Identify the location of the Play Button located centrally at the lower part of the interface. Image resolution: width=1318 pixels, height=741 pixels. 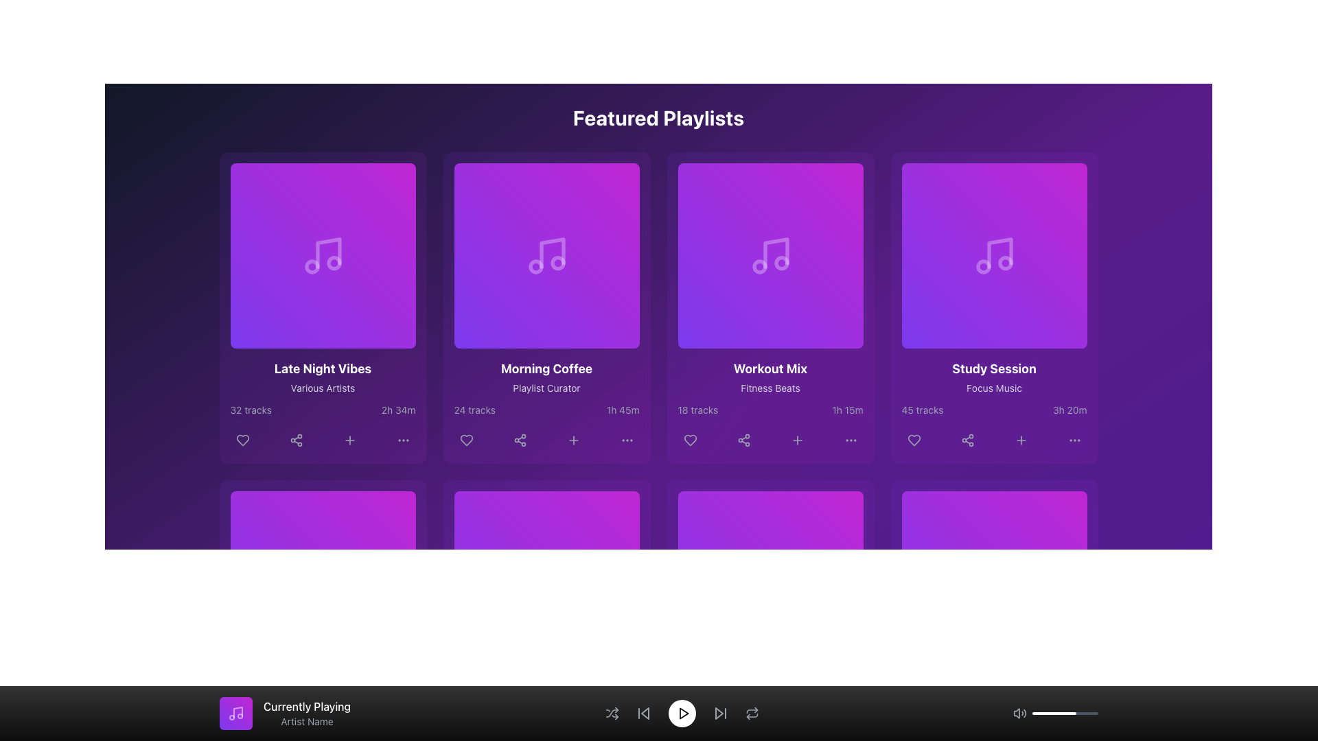
(772, 584).